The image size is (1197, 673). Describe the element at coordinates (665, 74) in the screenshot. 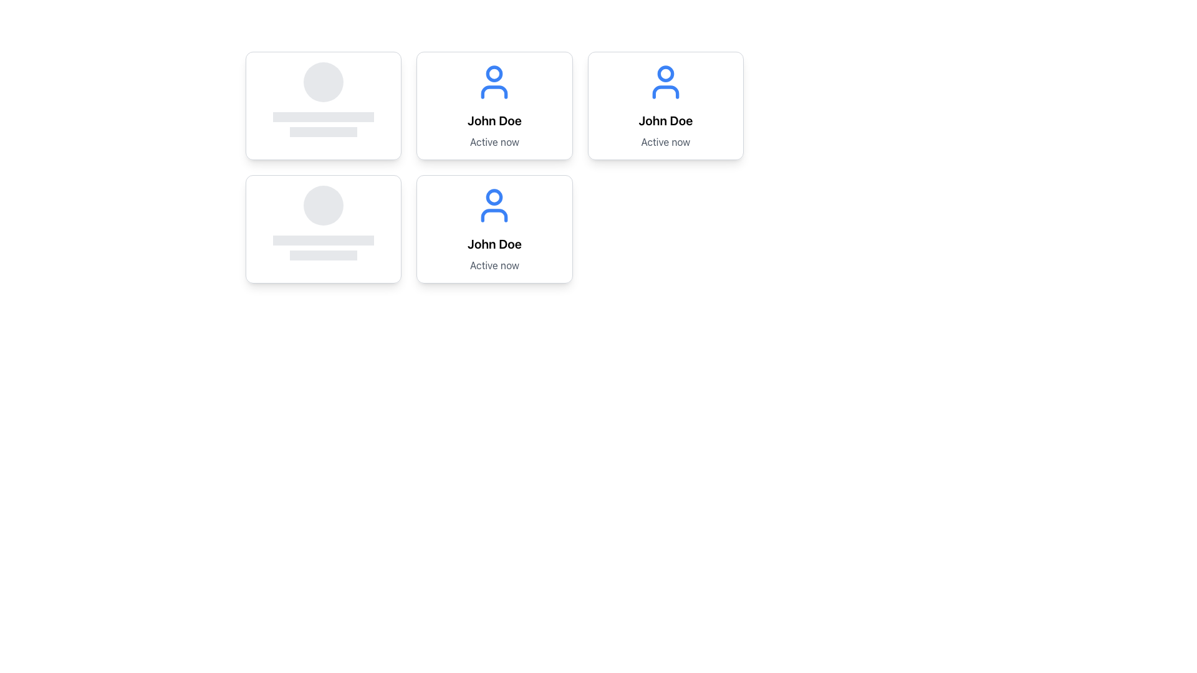

I see `and interact with the circular graphical component representing the user profile icon for 'John Doe'` at that location.